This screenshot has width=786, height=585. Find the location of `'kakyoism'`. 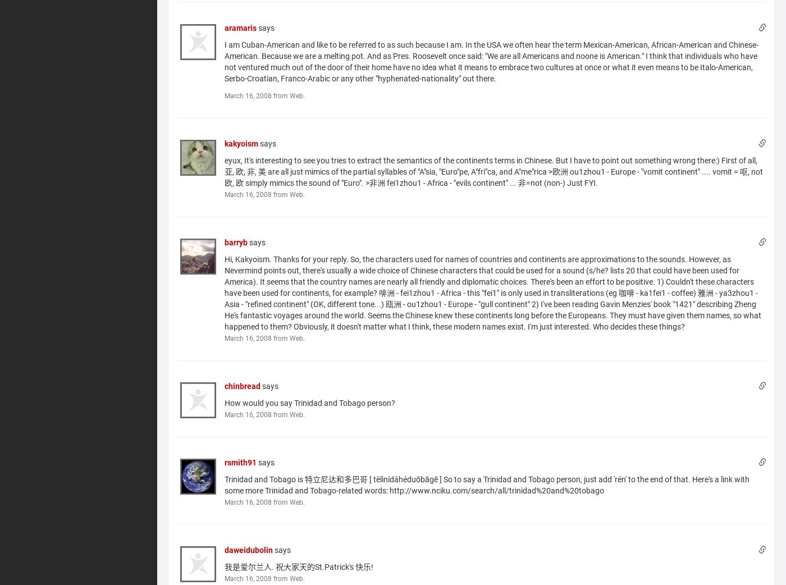

'kakyoism' is located at coordinates (241, 142).